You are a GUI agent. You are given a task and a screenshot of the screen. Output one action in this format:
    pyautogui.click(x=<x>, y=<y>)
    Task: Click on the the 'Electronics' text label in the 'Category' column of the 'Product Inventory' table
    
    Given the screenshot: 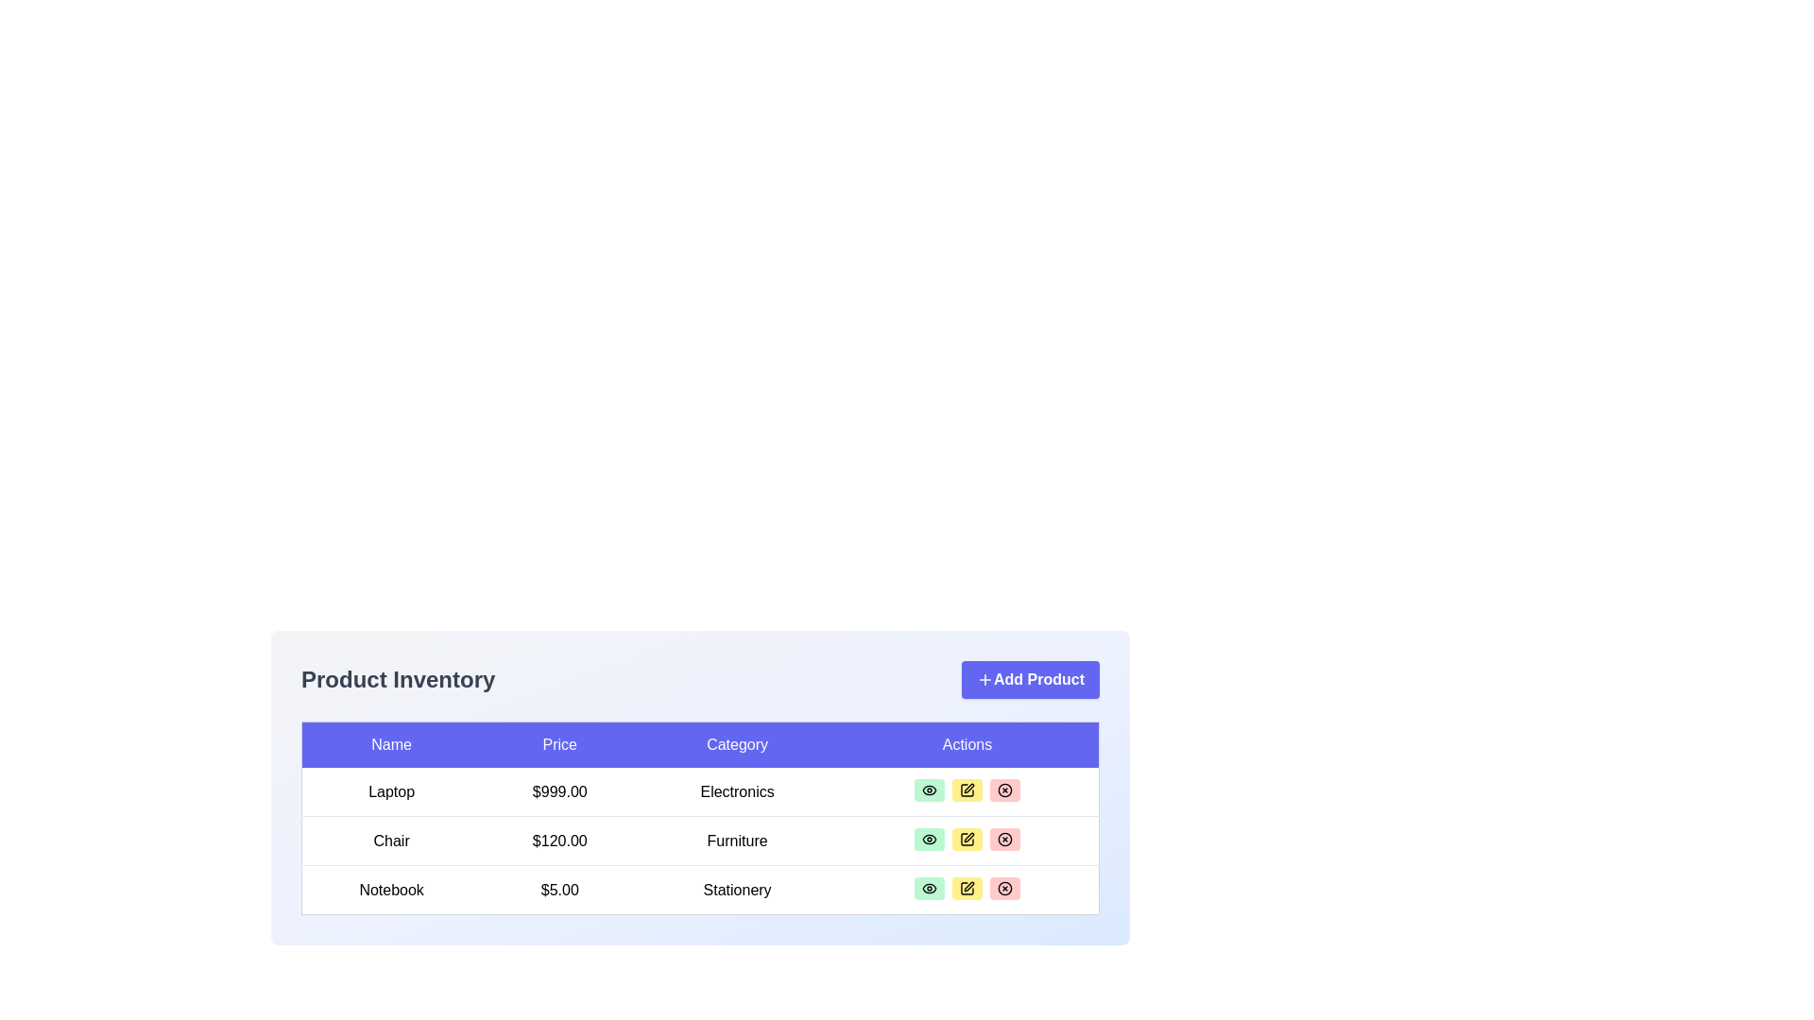 What is the action you would take?
    pyautogui.click(x=736, y=791)
    